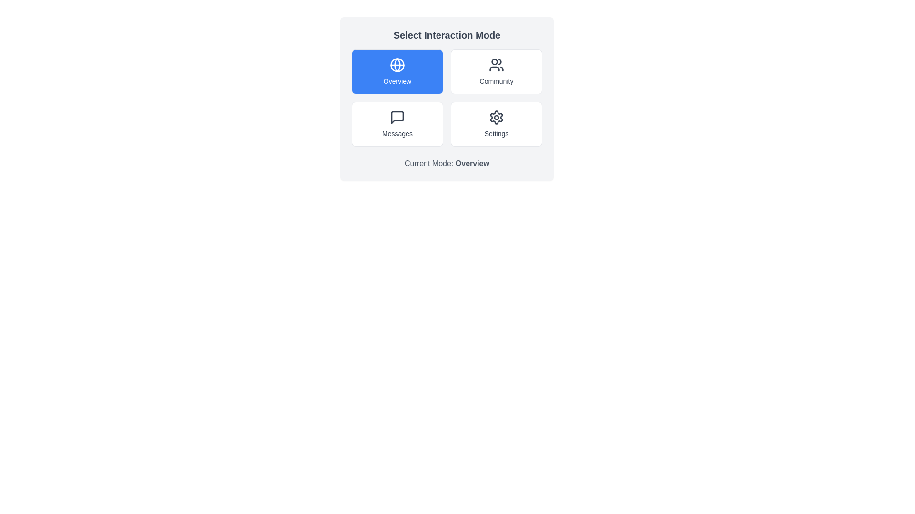 The width and height of the screenshot is (915, 514). What do you see at coordinates (496, 124) in the screenshot?
I see `the Settings button to observe the hover effect` at bounding box center [496, 124].